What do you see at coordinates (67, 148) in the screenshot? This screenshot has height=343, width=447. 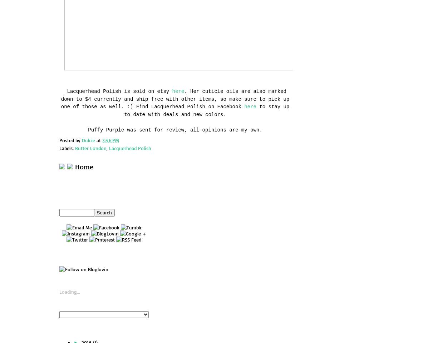 I see `'Labels:'` at bounding box center [67, 148].